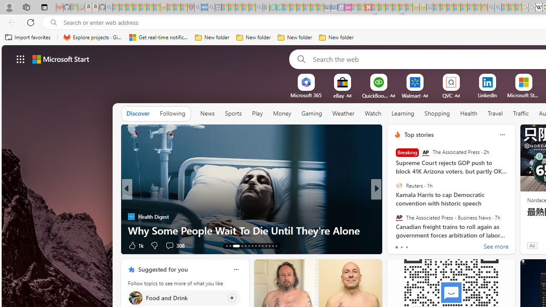  What do you see at coordinates (236, 269) in the screenshot?
I see `'Class: icon-img'` at bounding box center [236, 269].